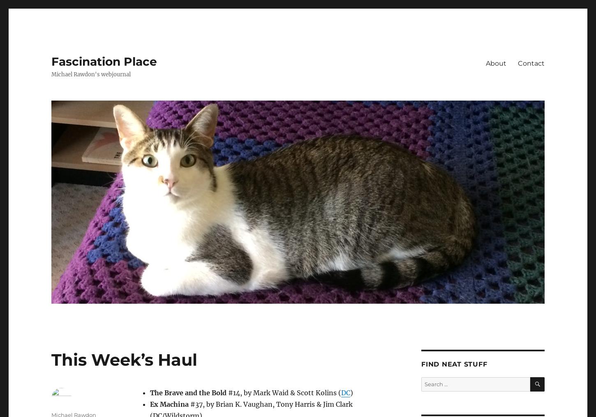 This screenshot has height=417, width=596. What do you see at coordinates (90, 74) in the screenshot?
I see `'Michael Rawdon's webjournal'` at bounding box center [90, 74].